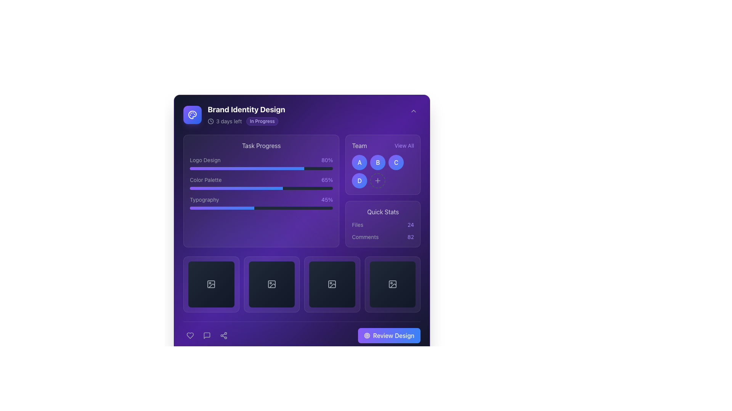 Image resolution: width=732 pixels, height=411 pixels. I want to click on the sharing icon, which is a vector icon shaped like three interconnected circles forming a triangular arrangement, located at the bottom-center of the interface, so click(223, 335).